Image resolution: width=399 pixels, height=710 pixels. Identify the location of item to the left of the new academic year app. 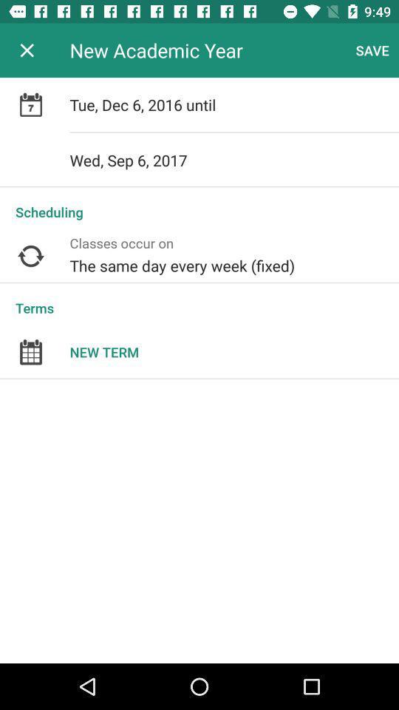
(27, 50).